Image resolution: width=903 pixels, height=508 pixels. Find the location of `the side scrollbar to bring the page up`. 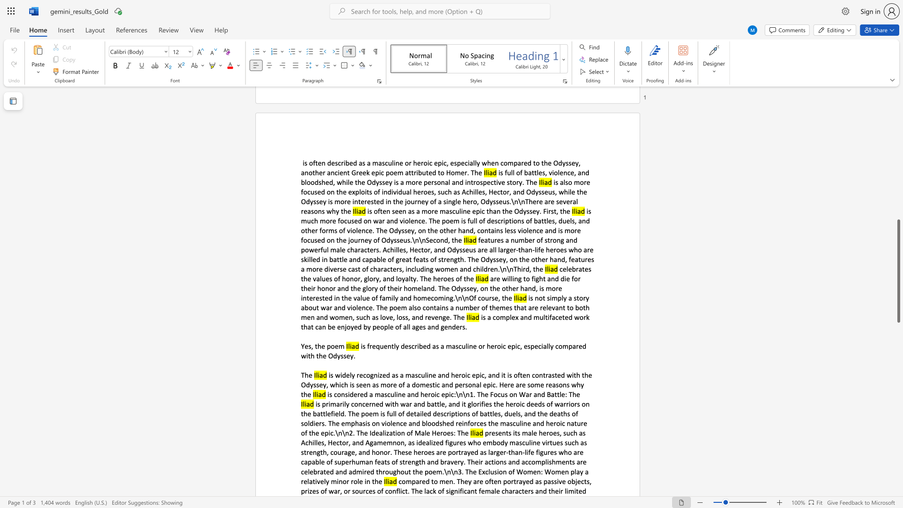

the side scrollbar to bring the page up is located at coordinates (898, 159).